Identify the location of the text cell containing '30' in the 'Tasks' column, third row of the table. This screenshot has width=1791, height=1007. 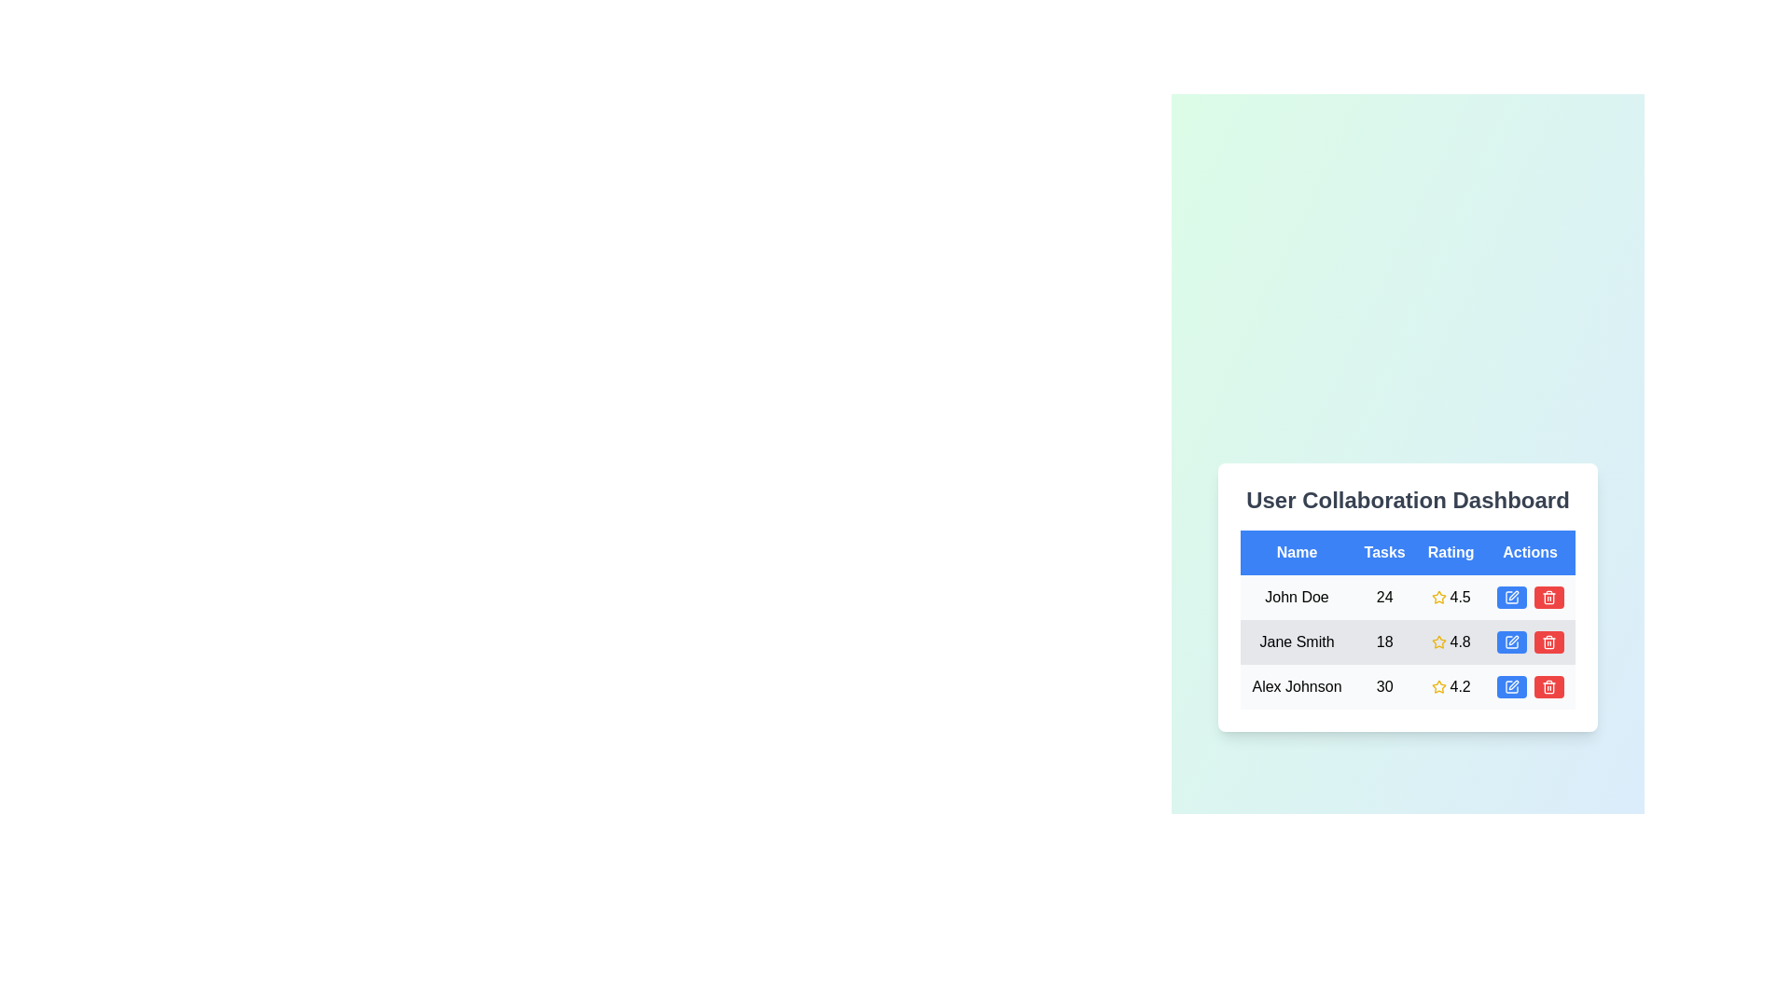
(1384, 686).